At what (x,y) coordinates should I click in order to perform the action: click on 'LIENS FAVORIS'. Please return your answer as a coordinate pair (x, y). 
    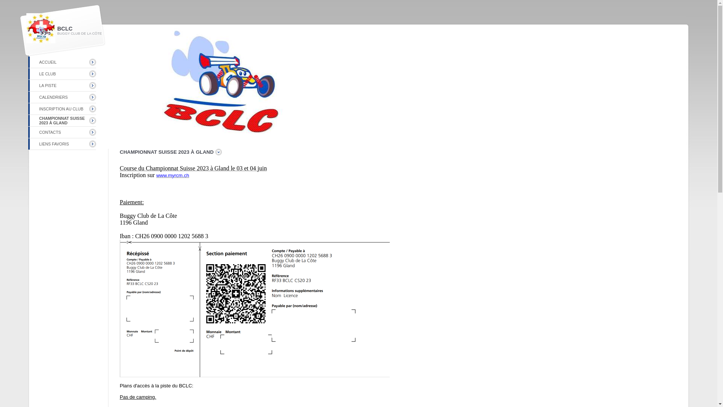
    Looking at the image, I should click on (53, 144).